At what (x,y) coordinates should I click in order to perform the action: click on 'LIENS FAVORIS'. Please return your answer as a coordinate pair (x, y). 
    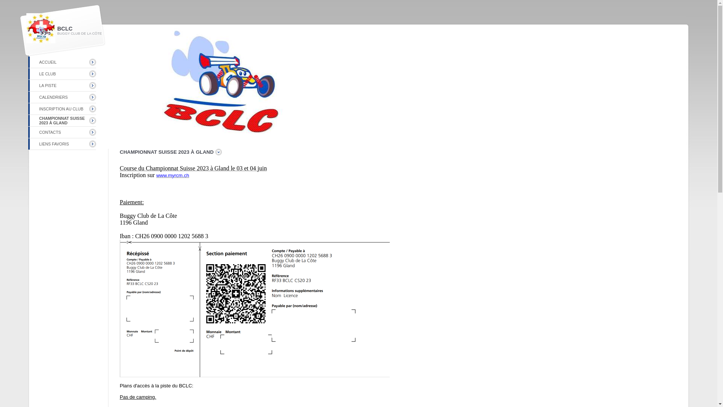
    Looking at the image, I should click on (53, 144).